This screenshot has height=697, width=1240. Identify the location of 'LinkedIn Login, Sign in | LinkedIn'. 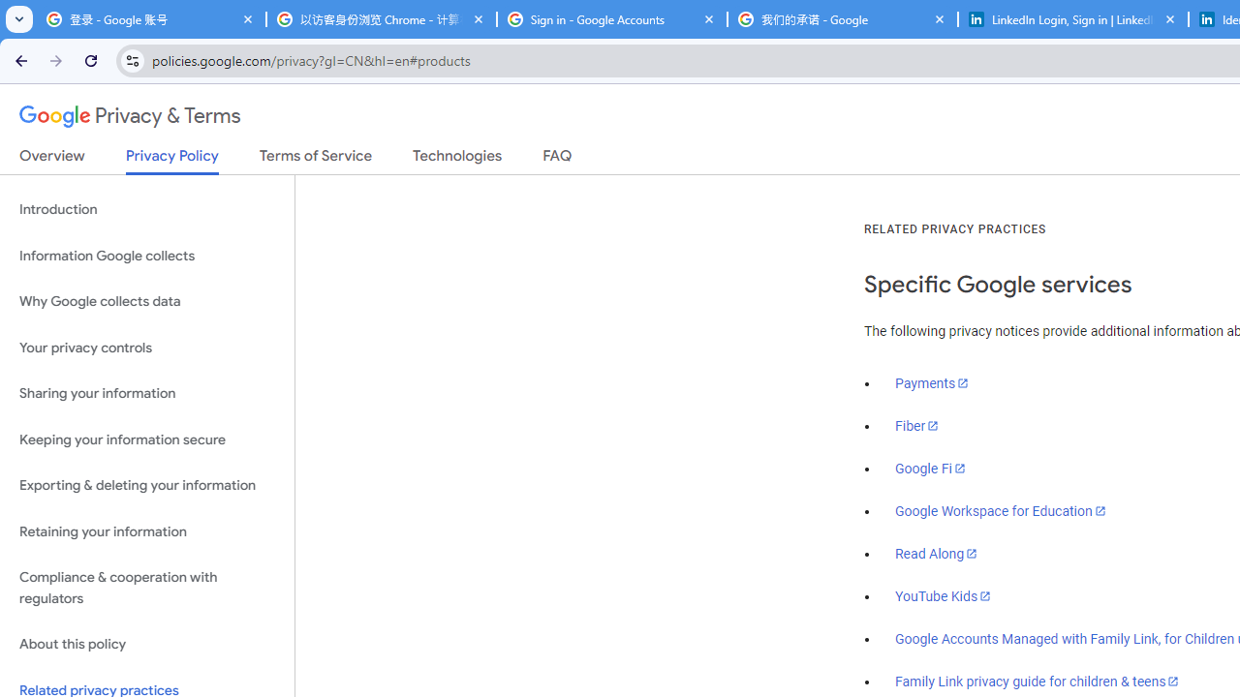
(1072, 19).